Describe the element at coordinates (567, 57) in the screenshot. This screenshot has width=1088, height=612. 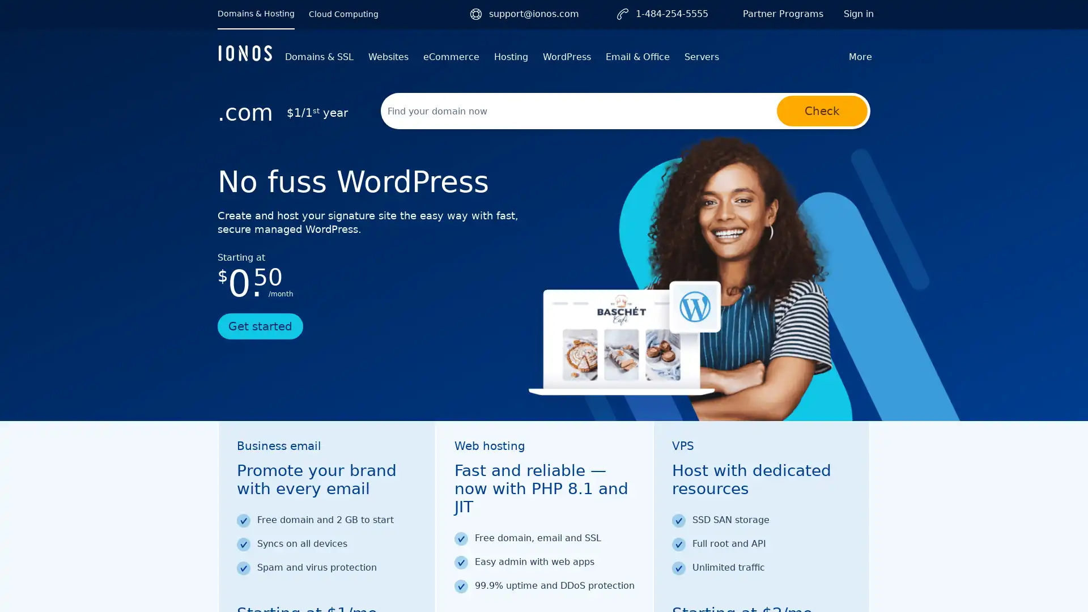
I see `WordPress` at that location.